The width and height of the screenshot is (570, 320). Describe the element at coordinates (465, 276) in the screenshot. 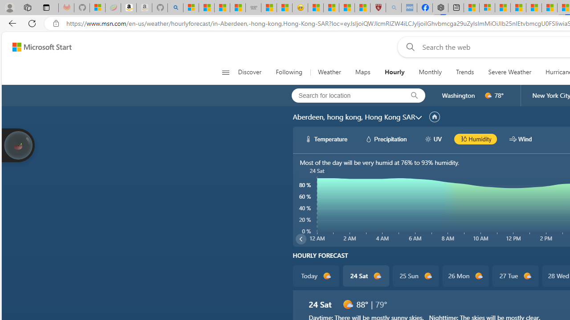

I see `'26 Mon d1000'` at that location.